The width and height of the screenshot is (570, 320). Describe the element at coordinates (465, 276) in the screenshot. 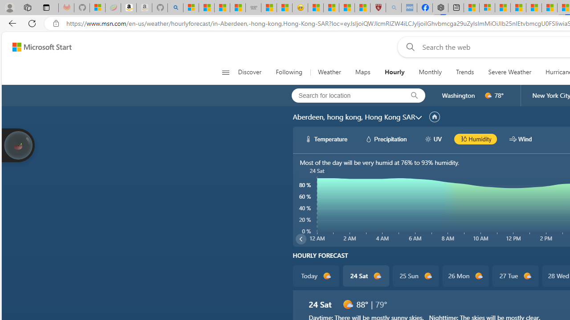

I see `'26 Mon d1000'` at that location.